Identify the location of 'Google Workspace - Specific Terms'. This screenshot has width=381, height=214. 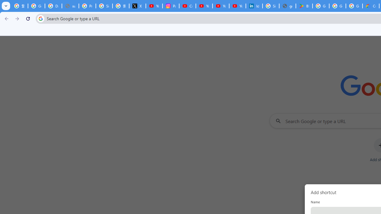
(338, 6).